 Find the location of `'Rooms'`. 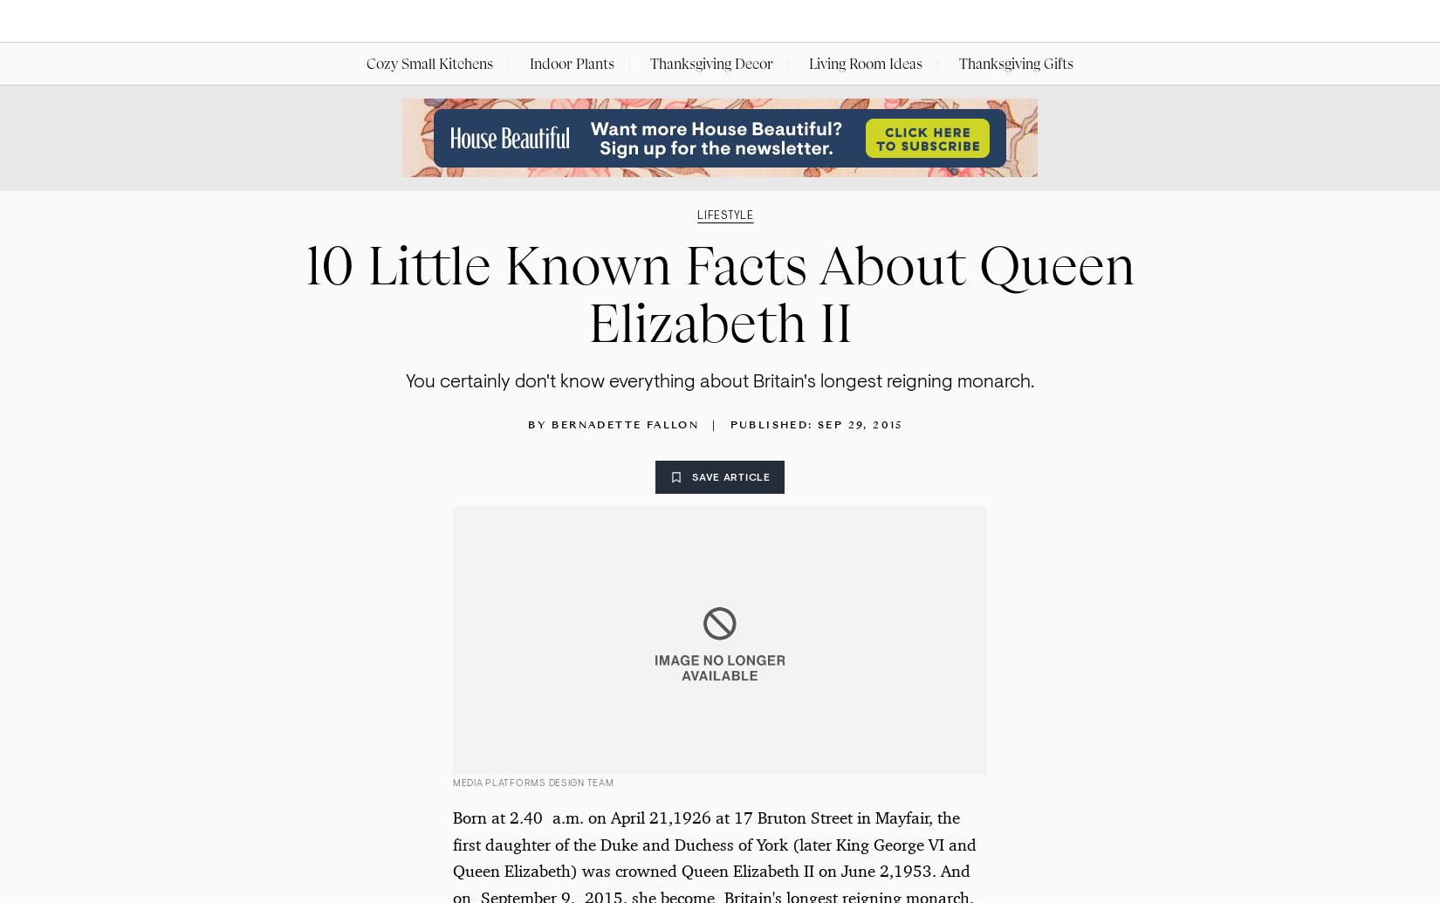

'Rooms' is located at coordinates (481, 20).